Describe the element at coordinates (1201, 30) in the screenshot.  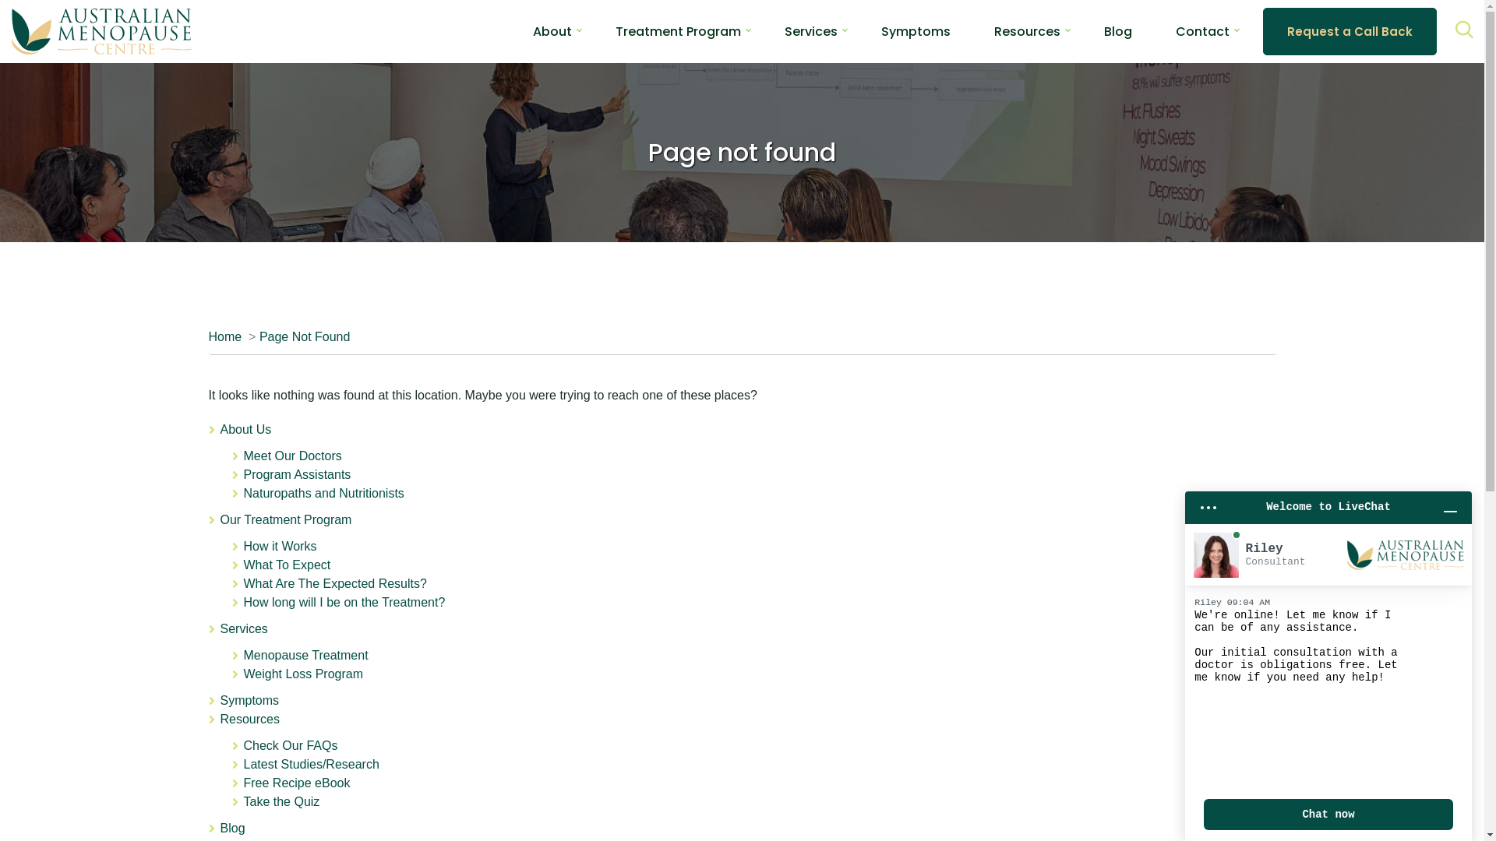
I see `'Contact'` at that location.